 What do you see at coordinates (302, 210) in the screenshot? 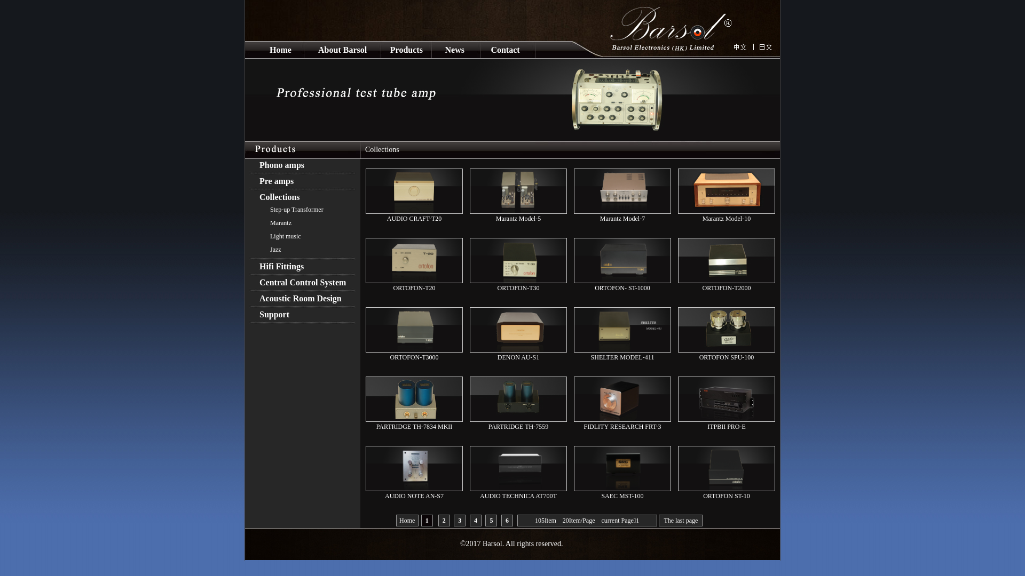
I see `'Step-up Transformer'` at bounding box center [302, 210].